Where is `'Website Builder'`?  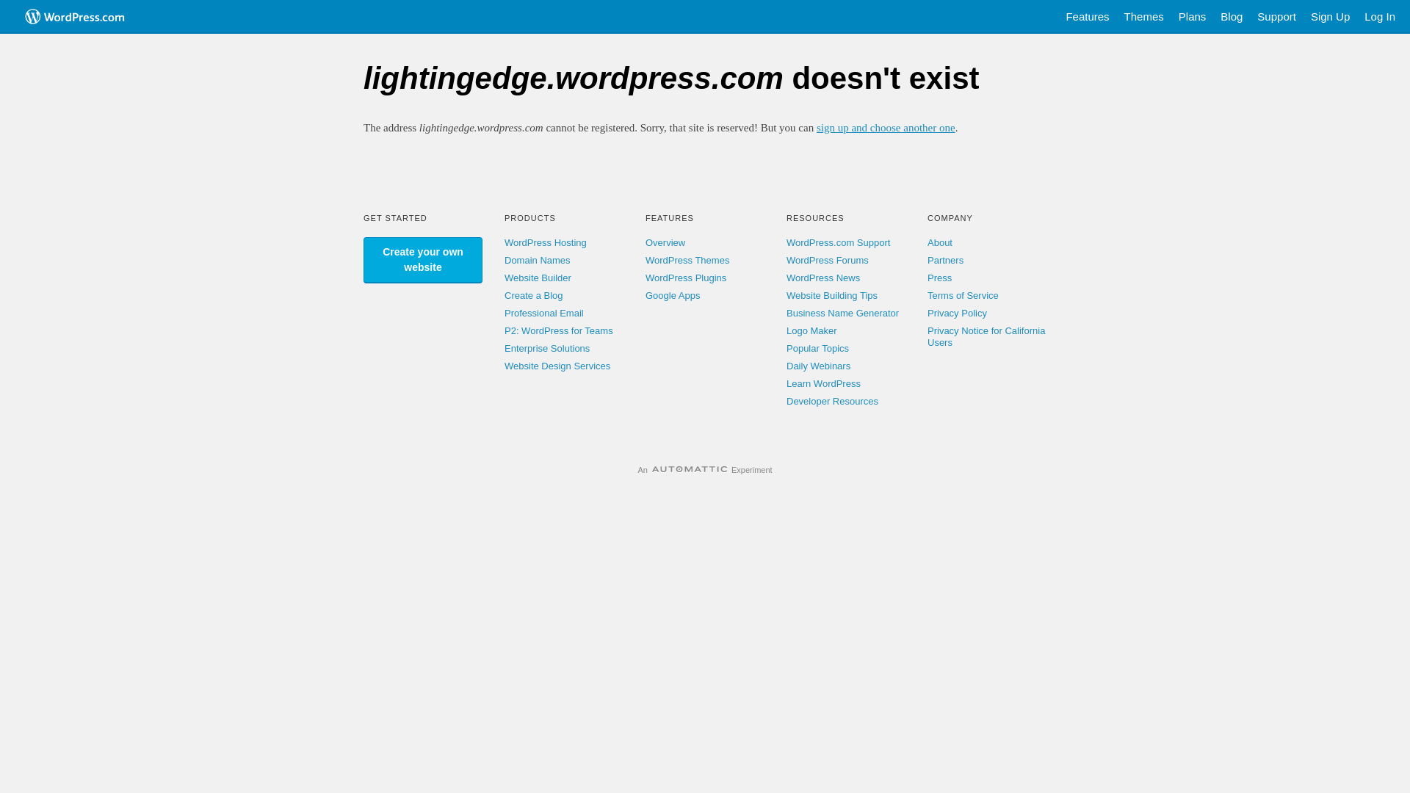 'Website Builder' is located at coordinates (504, 278).